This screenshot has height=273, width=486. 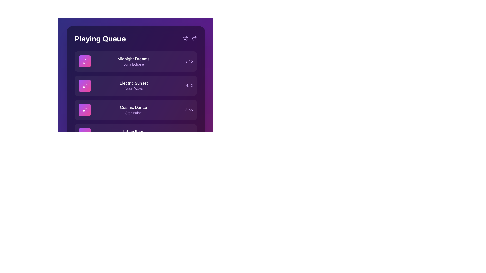 What do you see at coordinates (184, 61) in the screenshot?
I see `the text label displaying '3:45', which is styled in purple and indicates a timestamp, located on the right side of the song information card for 'Midnight Dreams' by 'Luna Eclipse'` at bounding box center [184, 61].